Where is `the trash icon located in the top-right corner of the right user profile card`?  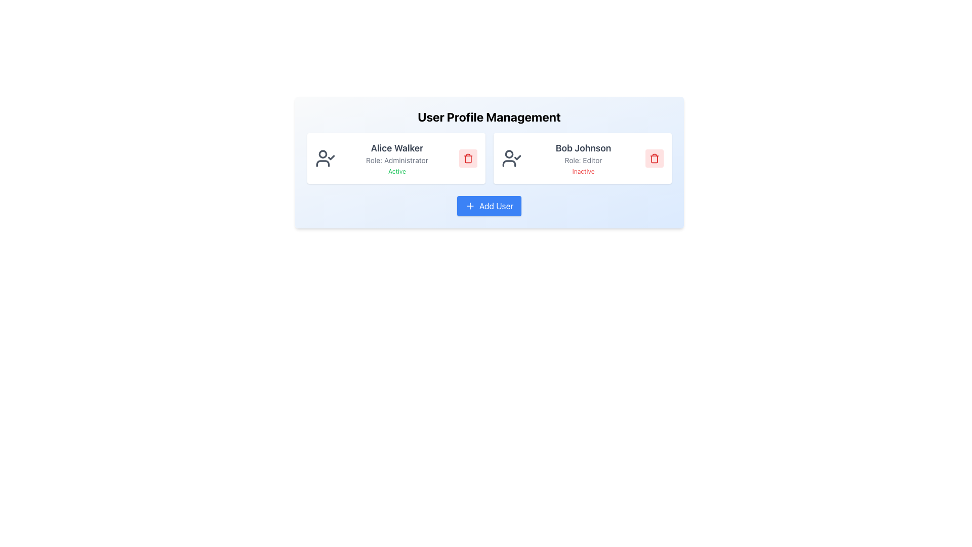
the trash icon located in the top-right corner of the right user profile card is located at coordinates (654, 158).